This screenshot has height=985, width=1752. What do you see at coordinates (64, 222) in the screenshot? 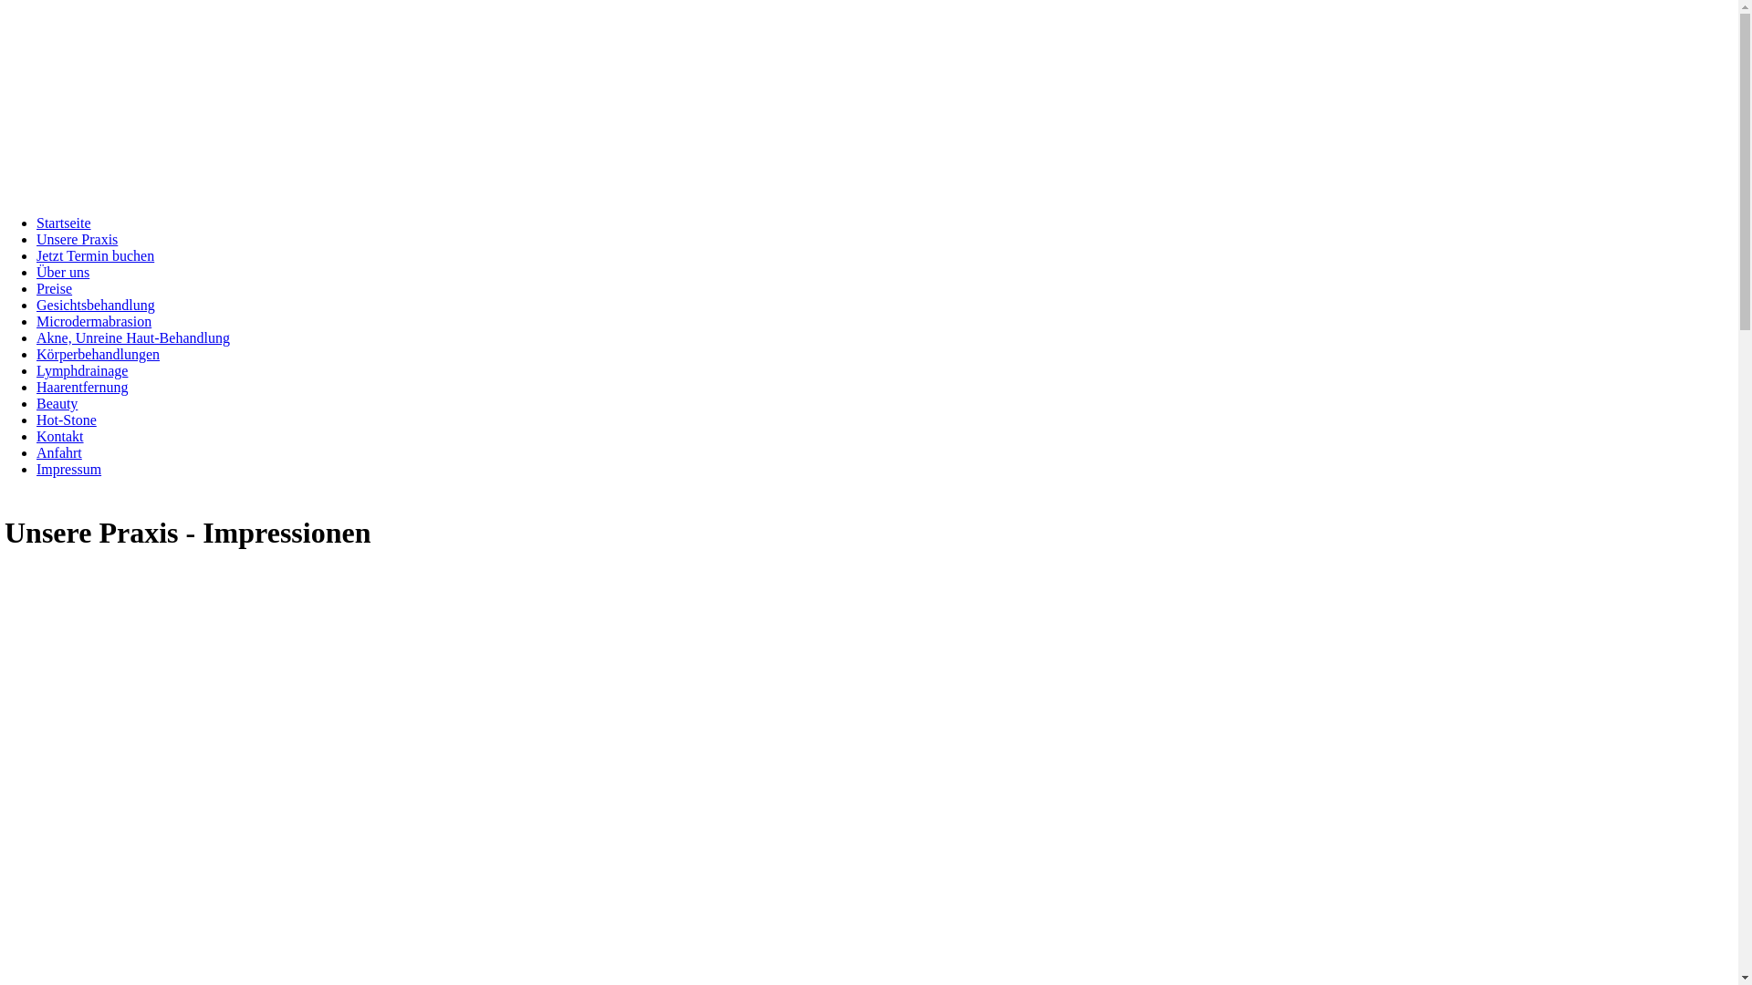
I see `'Startseite'` at bounding box center [64, 222].